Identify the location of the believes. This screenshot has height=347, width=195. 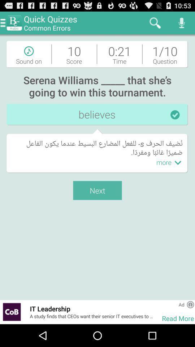
(97, 115).